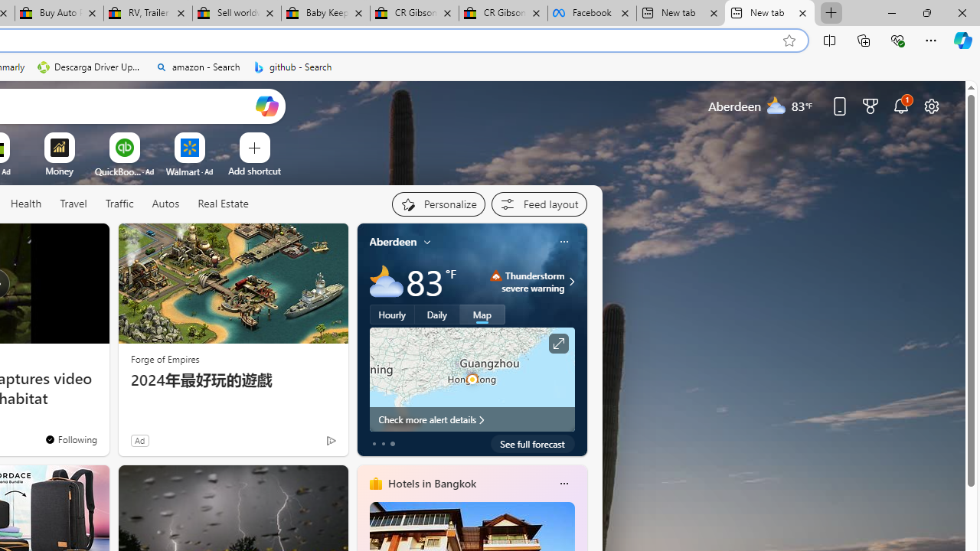  Describe the element at coordinates (591, 13) in the screenshot. I see `'Facebook'` at that location.